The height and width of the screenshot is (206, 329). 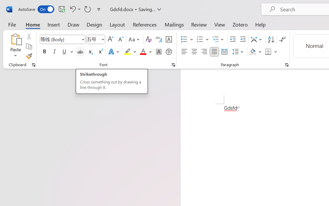 I want to click on 'Grow Font', so click(x=110, y=39).